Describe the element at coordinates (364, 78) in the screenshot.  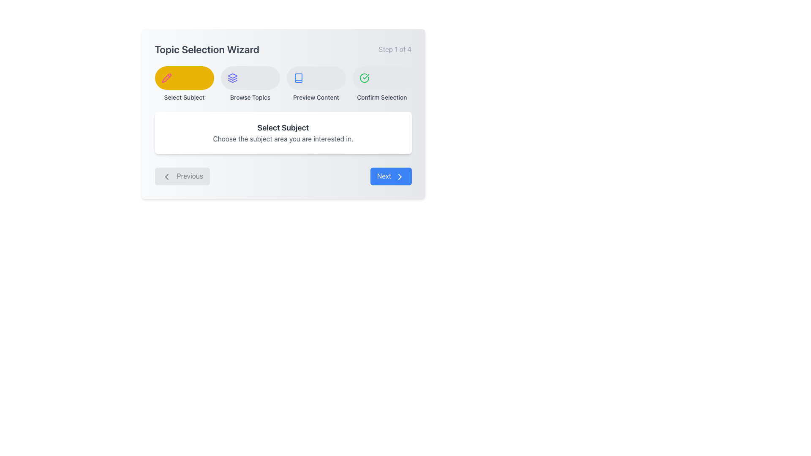
I see `the circular checkmark icon with a green stroke, which is the last icon in the tab navigation system at the top of the card interface` at that location.